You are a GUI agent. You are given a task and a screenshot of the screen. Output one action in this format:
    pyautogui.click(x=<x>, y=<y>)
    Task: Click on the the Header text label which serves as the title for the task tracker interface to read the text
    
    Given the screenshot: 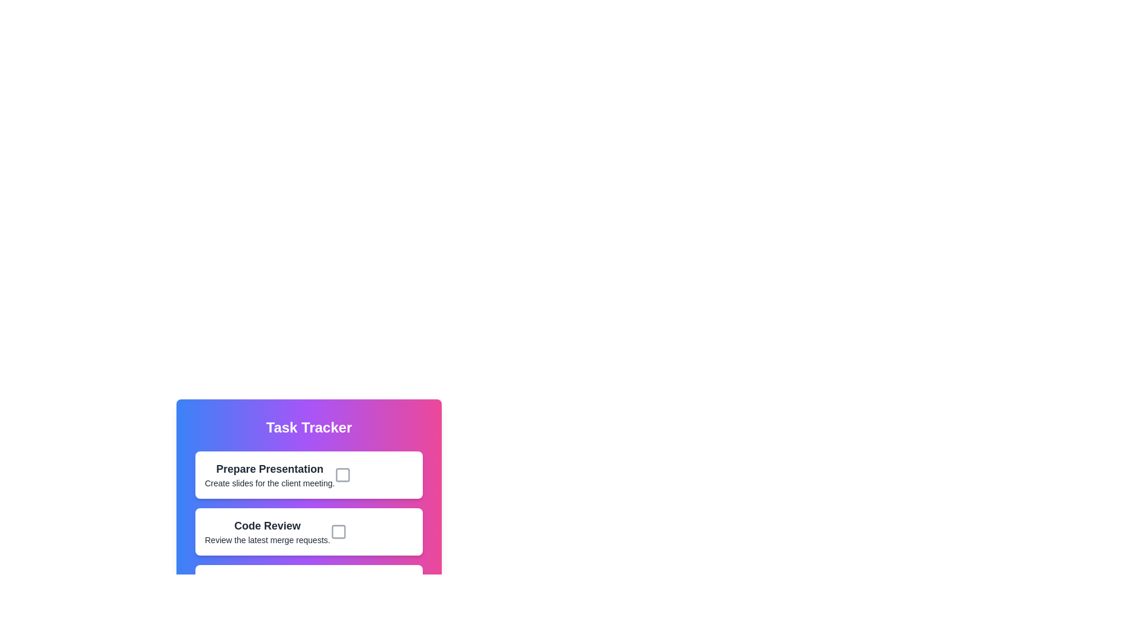 What is the action you would take?
    pyautogui.click(x=309, y=427)
    